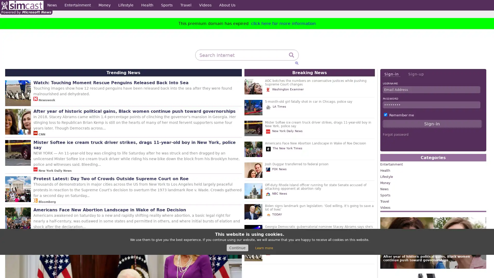  Describe the element at coordinates (237, 248) in the screenshot. I see `Continue` at that location.